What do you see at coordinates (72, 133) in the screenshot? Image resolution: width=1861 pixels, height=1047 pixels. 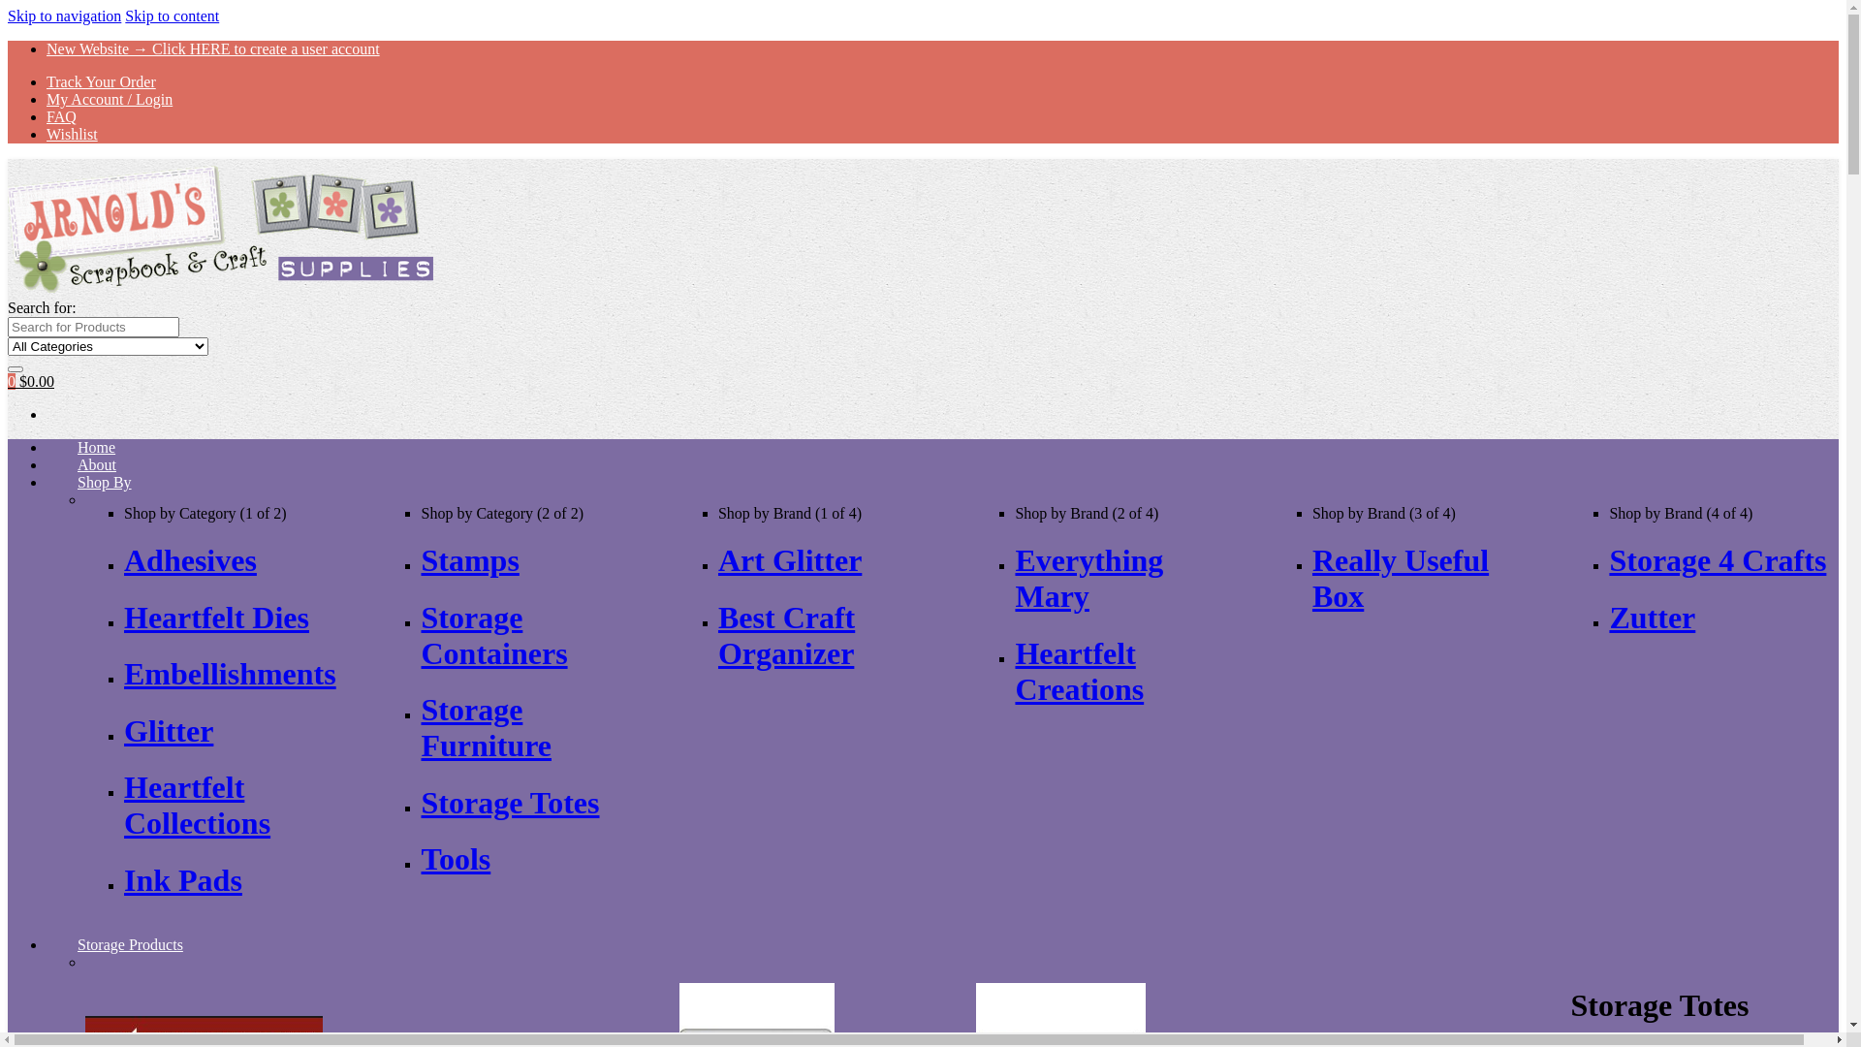 I see `'Wishlist'` at bounding box center [72, 133].